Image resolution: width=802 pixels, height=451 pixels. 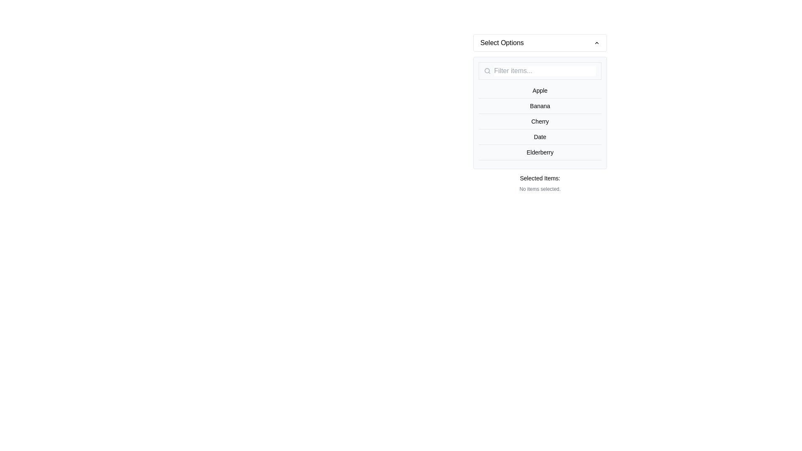 I want to click on the gray magnifying glass SVG icon, which represents the search function, located to the left of the input field labeled 'Filter items...', so click(x=487, y=70).